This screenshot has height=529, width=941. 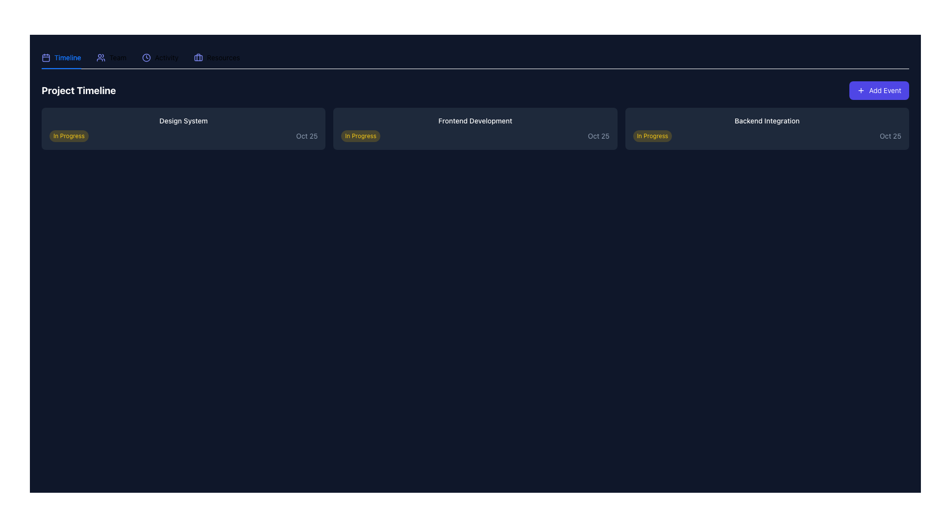 What do you see at coordinates (78, 91) in the screenshot?
I see `the 'Project Timeline' label, which serves as the section title indicating the current view context` at bounding box center [78, 91].